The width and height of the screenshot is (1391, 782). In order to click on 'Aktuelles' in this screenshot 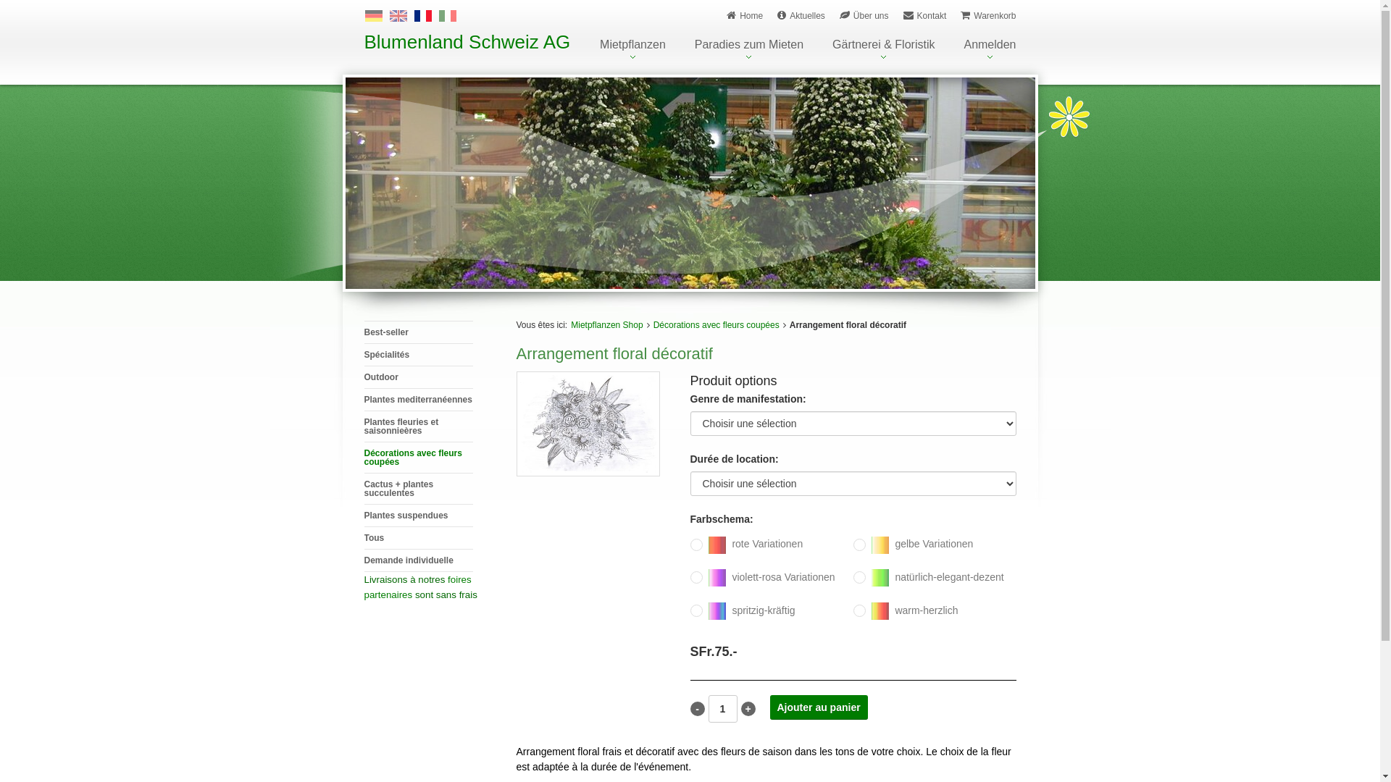, I will do `click(777, 16)`.